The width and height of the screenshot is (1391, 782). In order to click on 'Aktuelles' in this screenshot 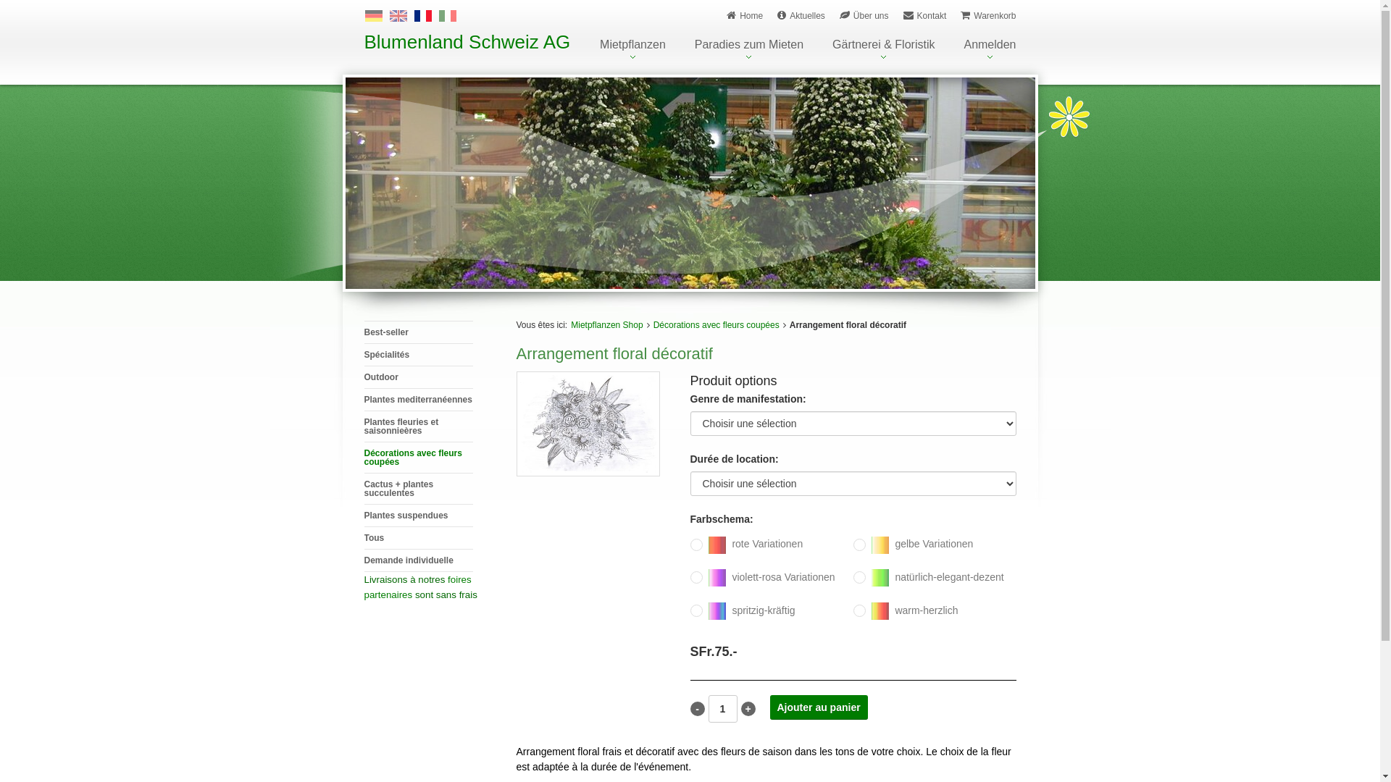, I will do `click(777, 16)`.